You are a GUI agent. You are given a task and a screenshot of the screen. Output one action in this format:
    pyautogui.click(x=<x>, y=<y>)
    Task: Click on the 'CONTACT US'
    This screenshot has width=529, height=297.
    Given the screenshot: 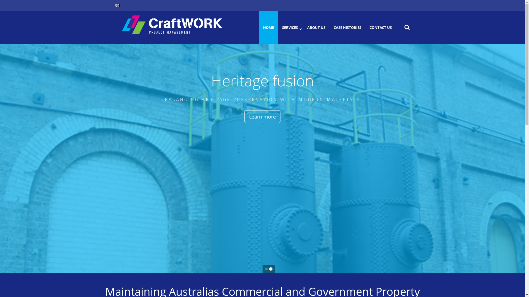 What is the action you would take?
    pyautogui.click(x=380, y=28)
    